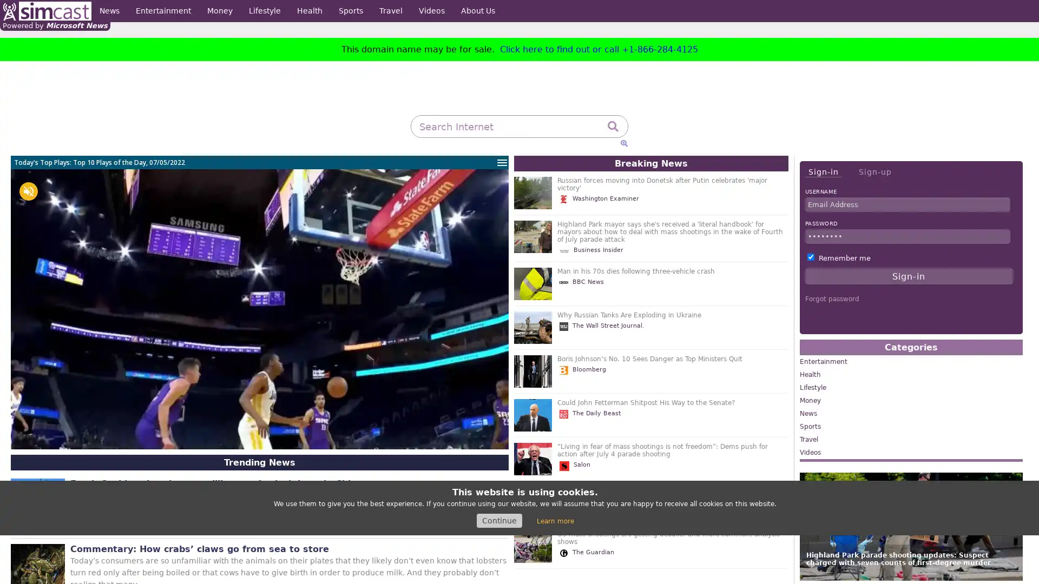 This screenshot has width=1039, height=584. What do you see at coordinates (823, 171) in the screenshot?
I see `Sign-in` at bounding box center [823, 171].